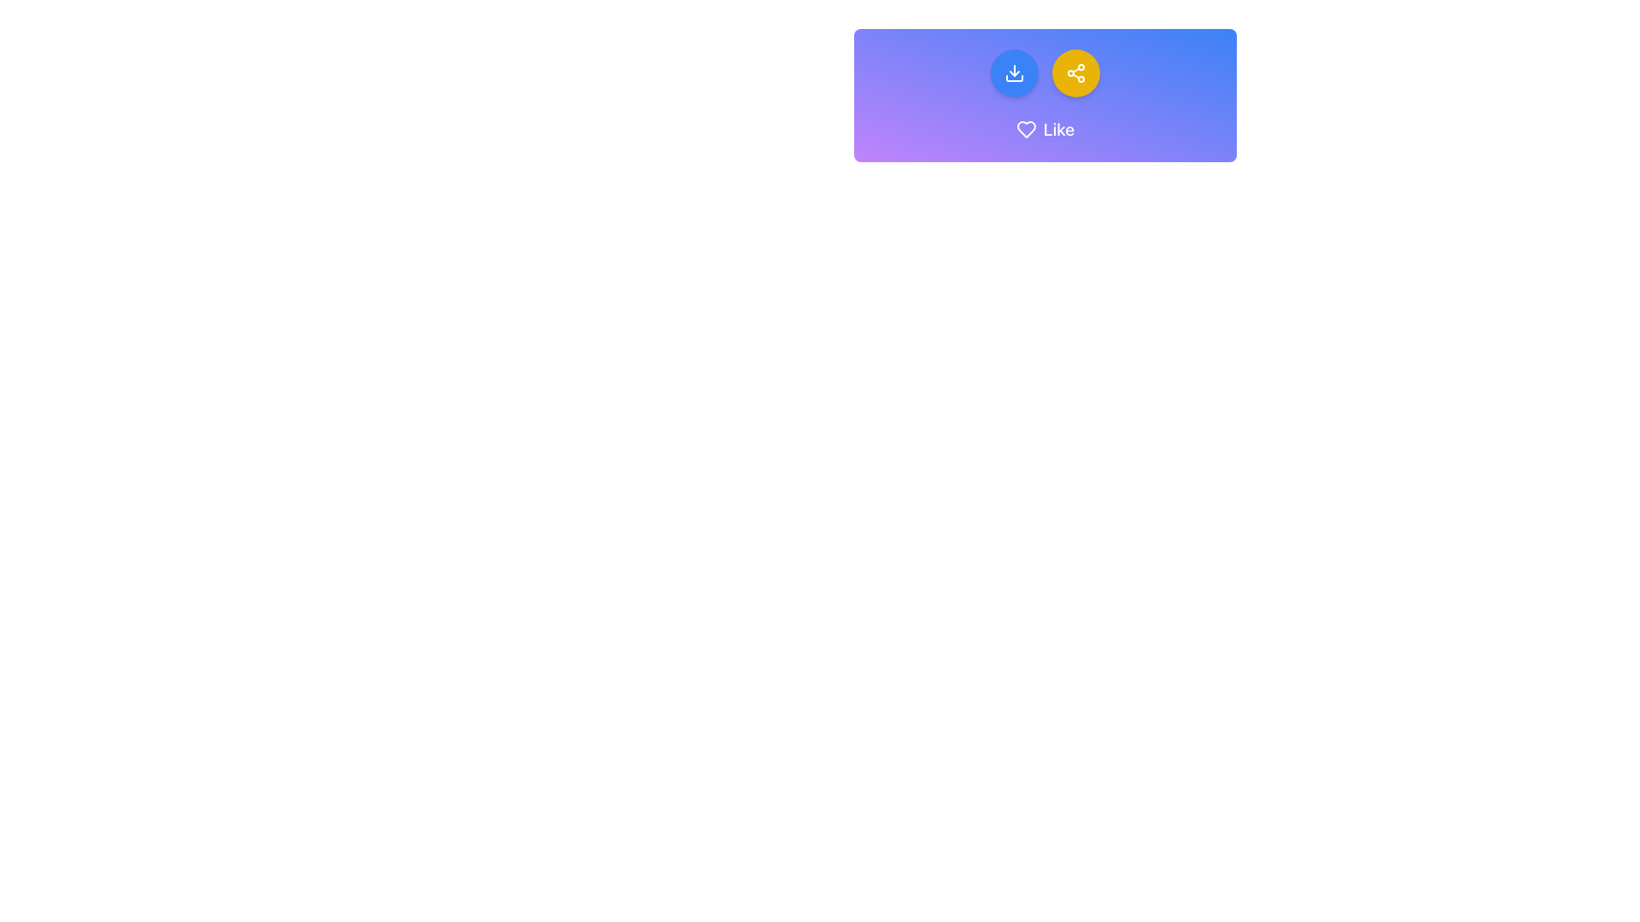 The image size is (1640, 922). What do you see at coordinates (1075, 72) in the screenshot?
I see `the share action button icon, which is a yellow circular button containing three connected circles` at bounding box center [1075, 72].